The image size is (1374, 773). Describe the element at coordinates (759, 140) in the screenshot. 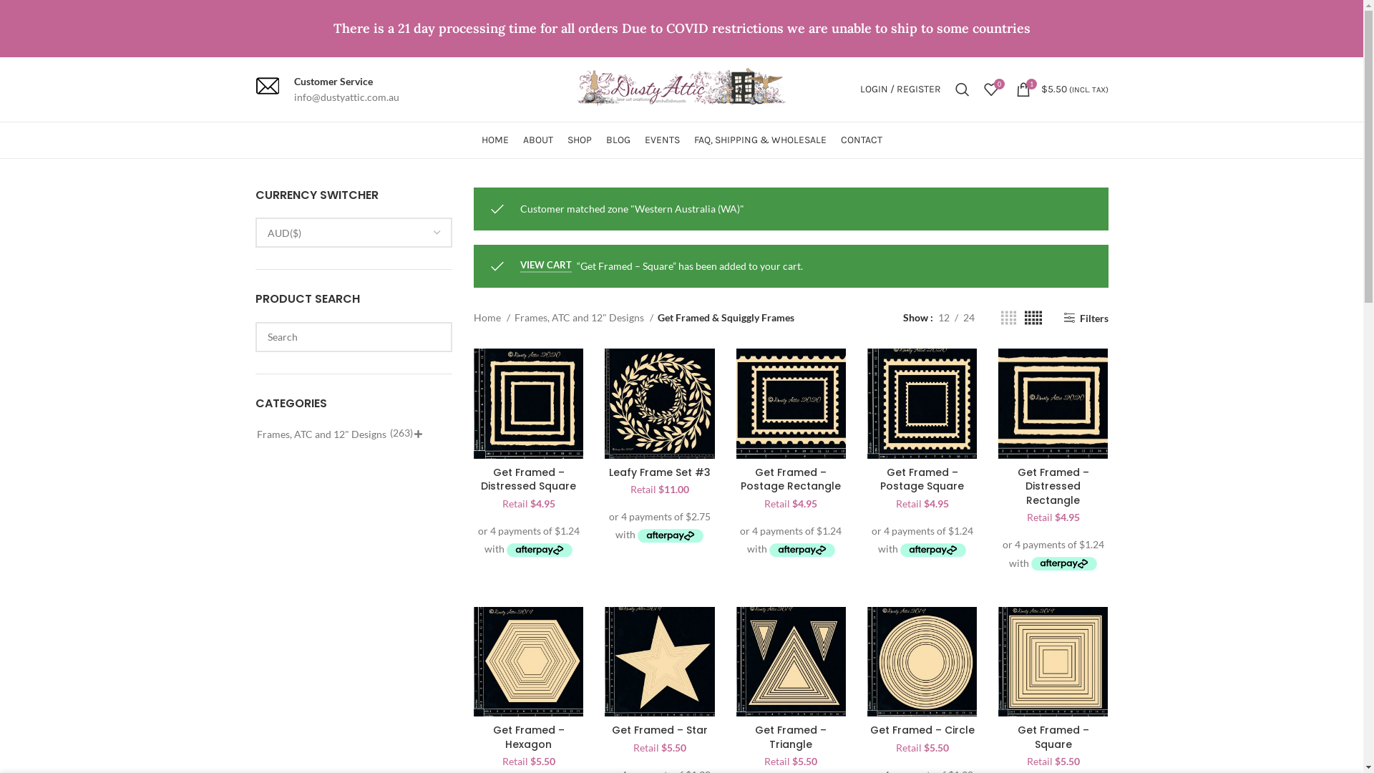

I see `'FAQ, SHIPPING & WHOLESALE'` at that location.